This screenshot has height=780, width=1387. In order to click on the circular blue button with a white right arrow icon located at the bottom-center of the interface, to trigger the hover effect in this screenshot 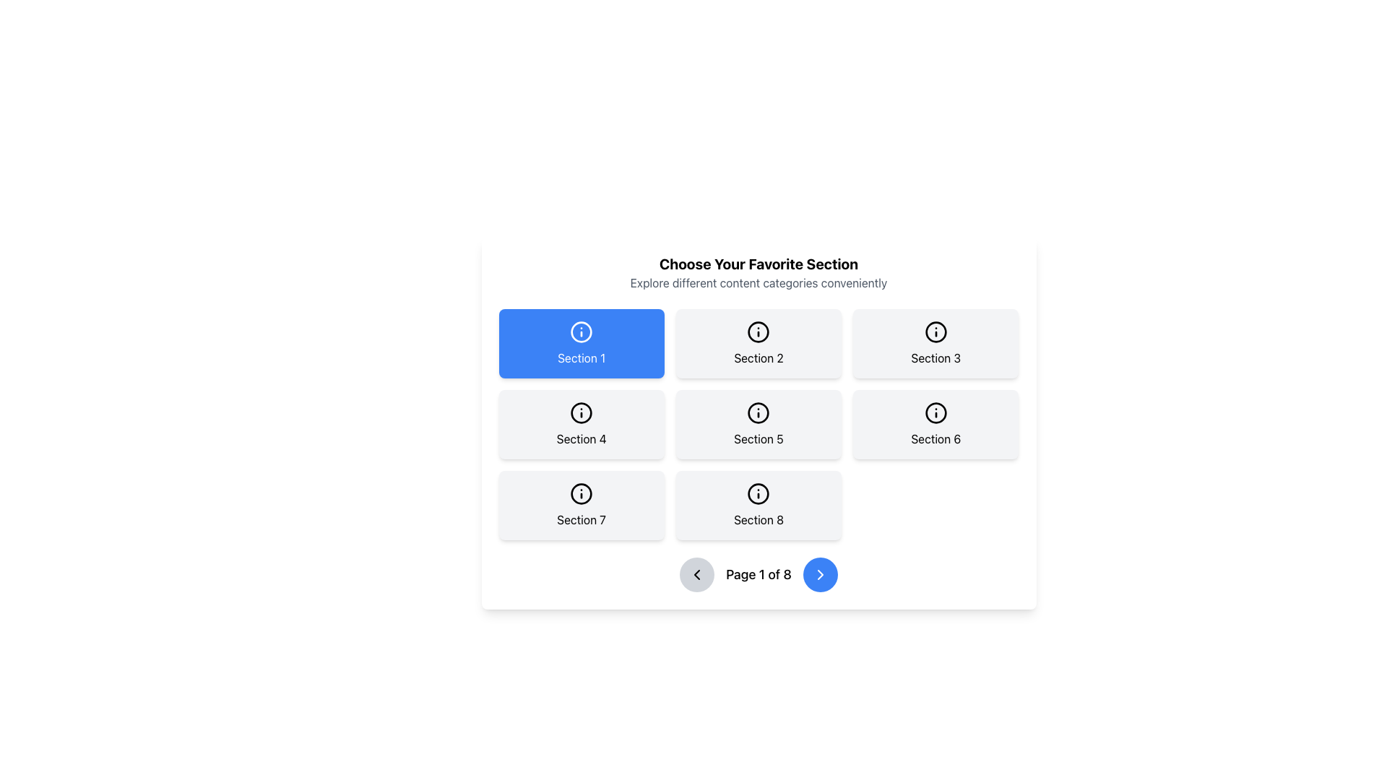, I will do `click(820, 573)`.